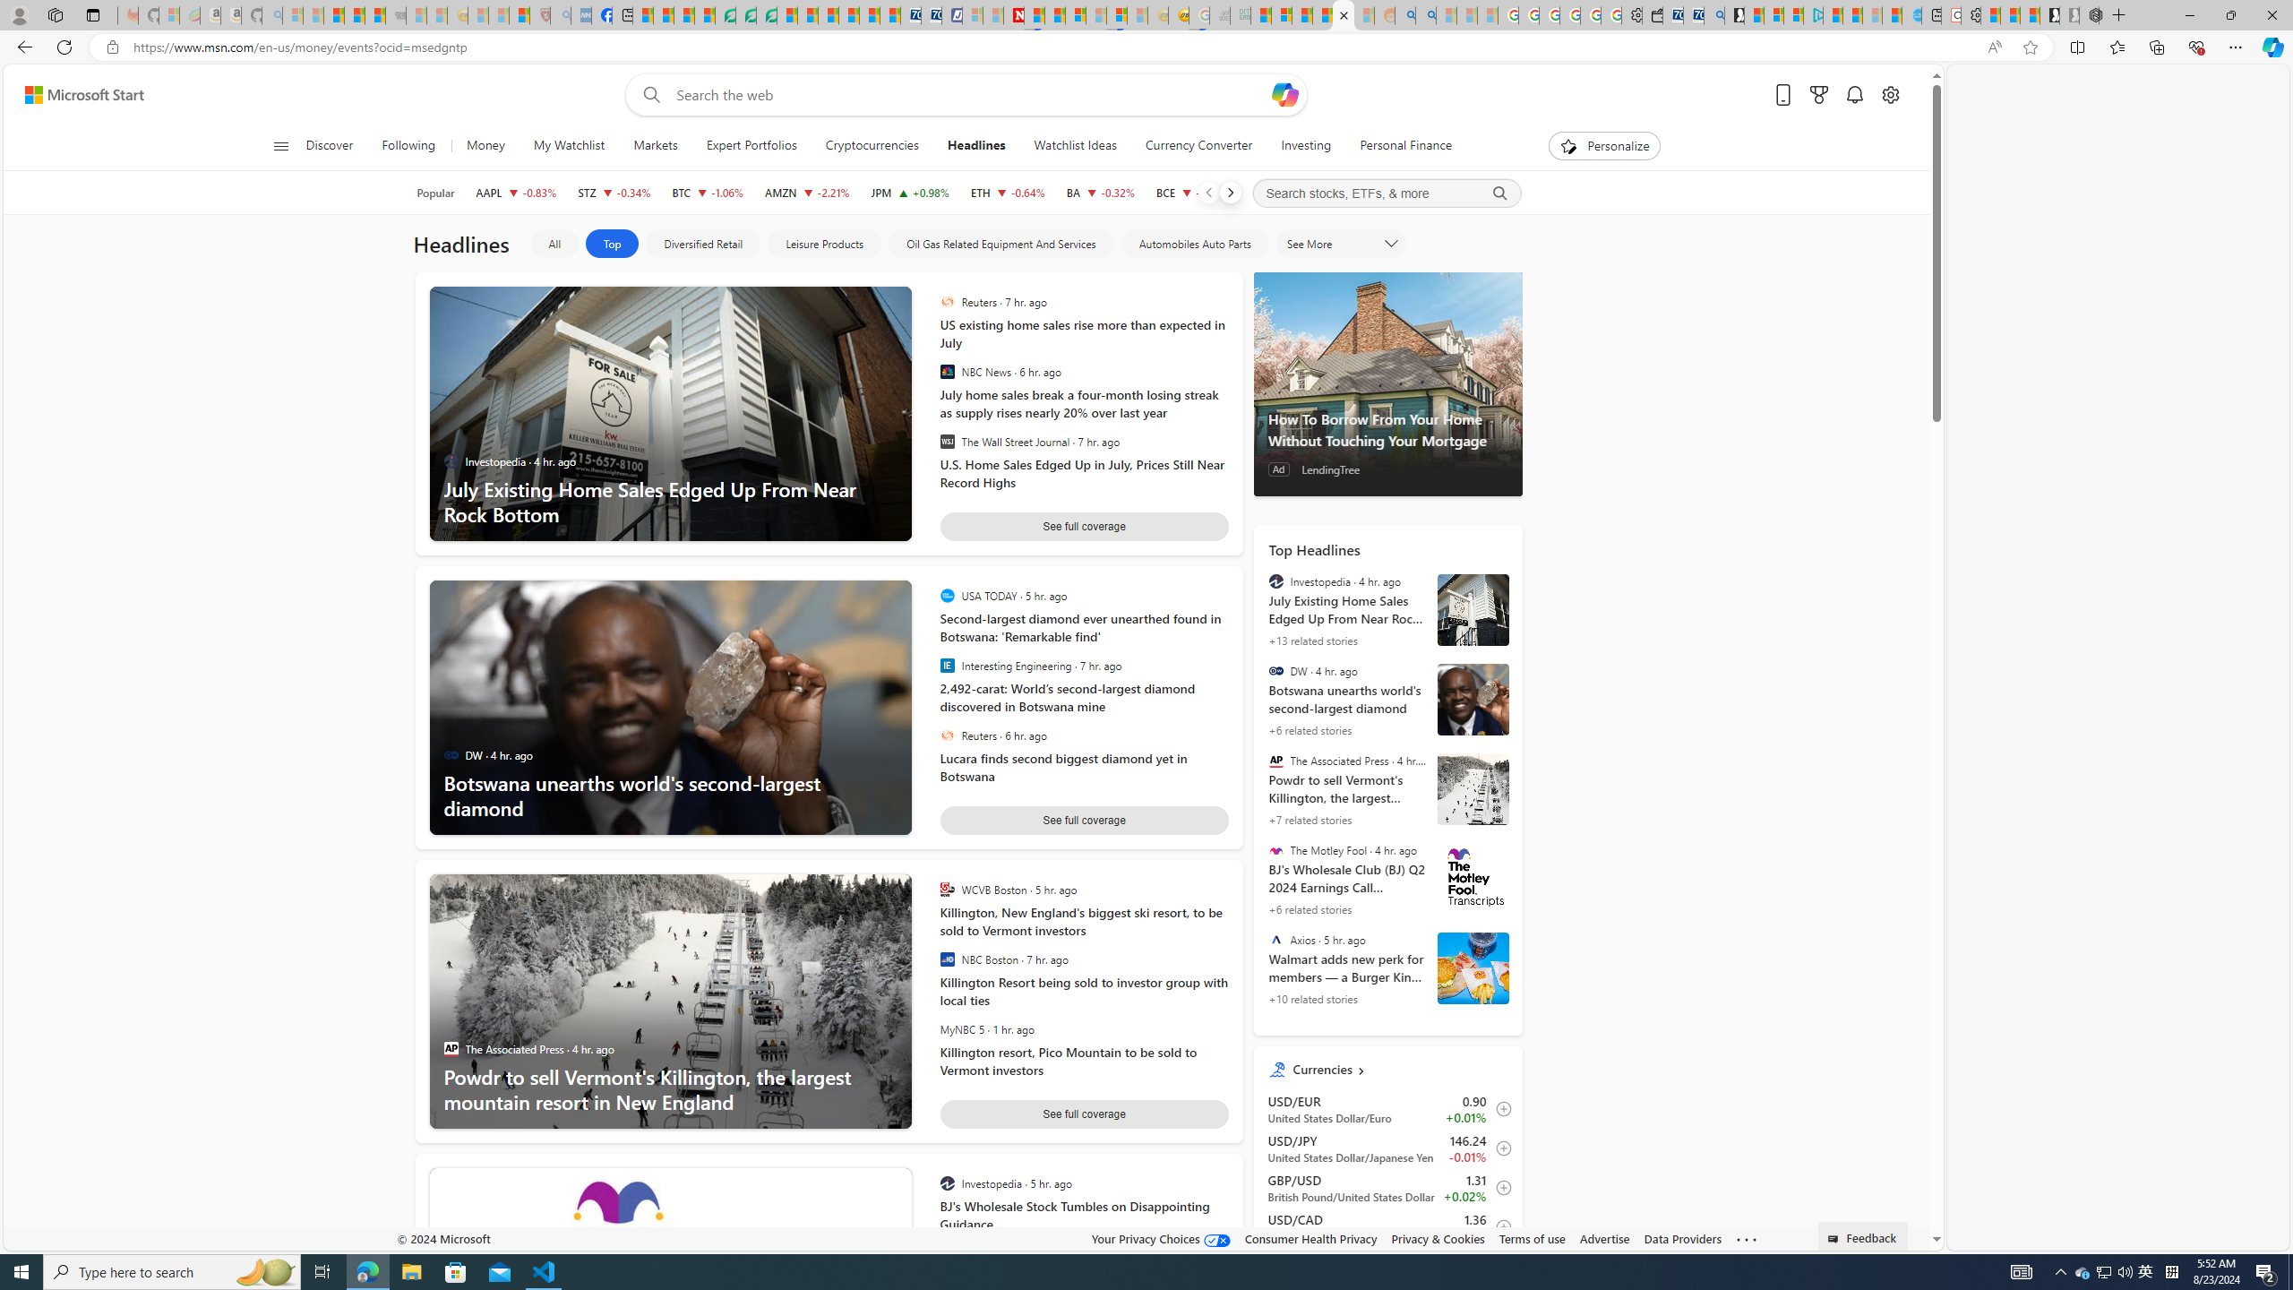 The height and width of the screenshot is (1290, 2293). Describe the element at coordinates (611, 243) in the screenshot. I see `'Top'` at that location.